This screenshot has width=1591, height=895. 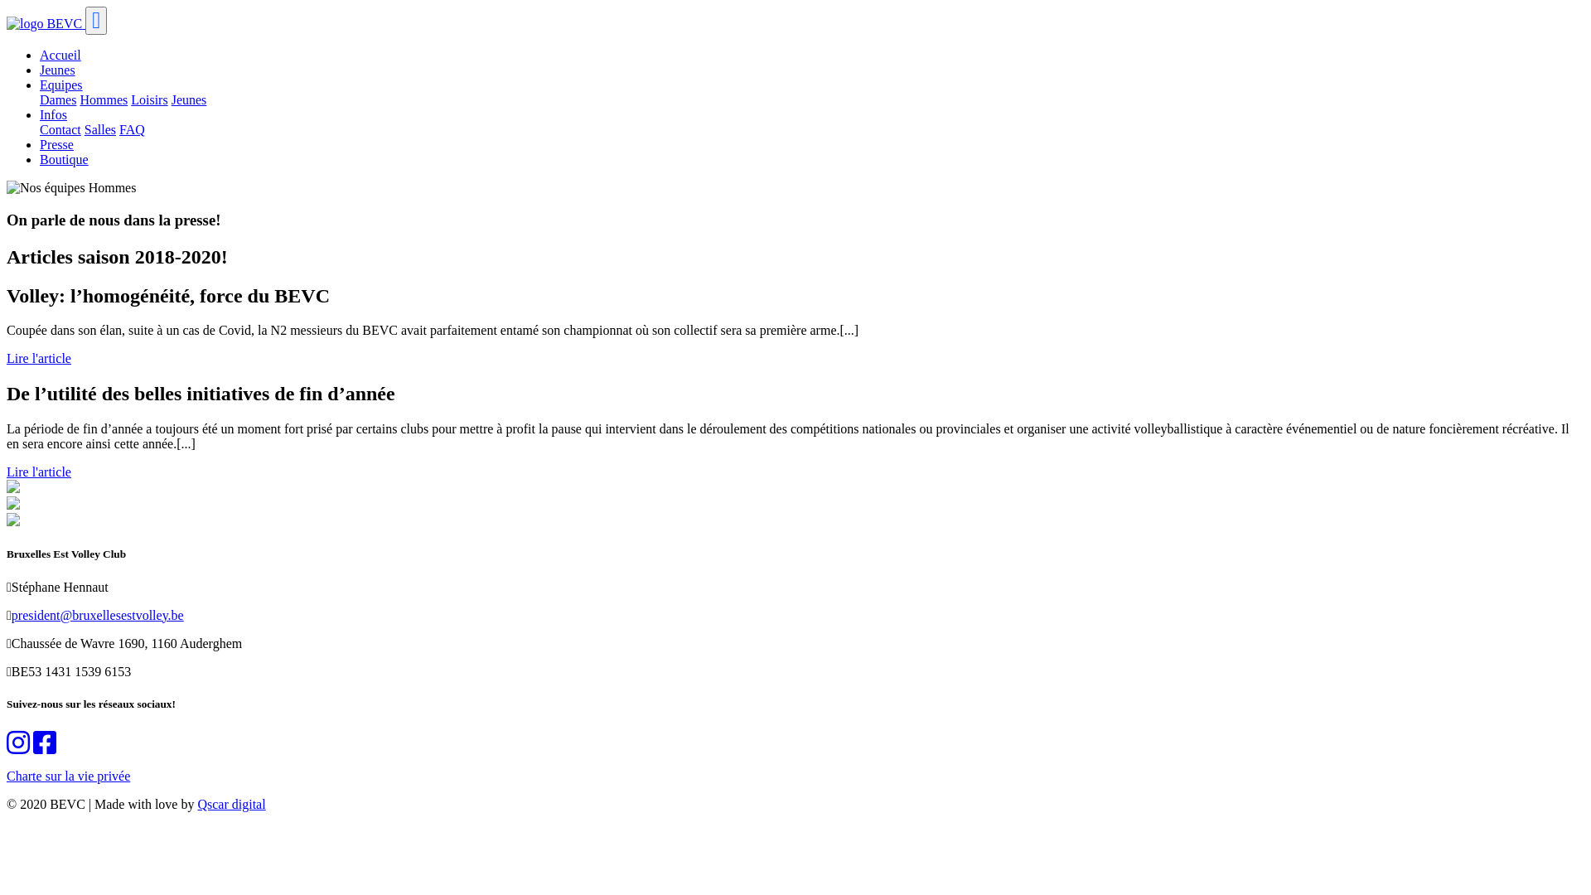 I want to click on 'Salles', so click(x=99, y=128).